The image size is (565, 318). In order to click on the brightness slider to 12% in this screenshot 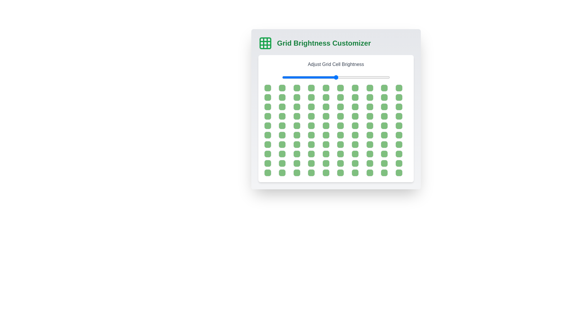, I will do `click(295, 77)`.